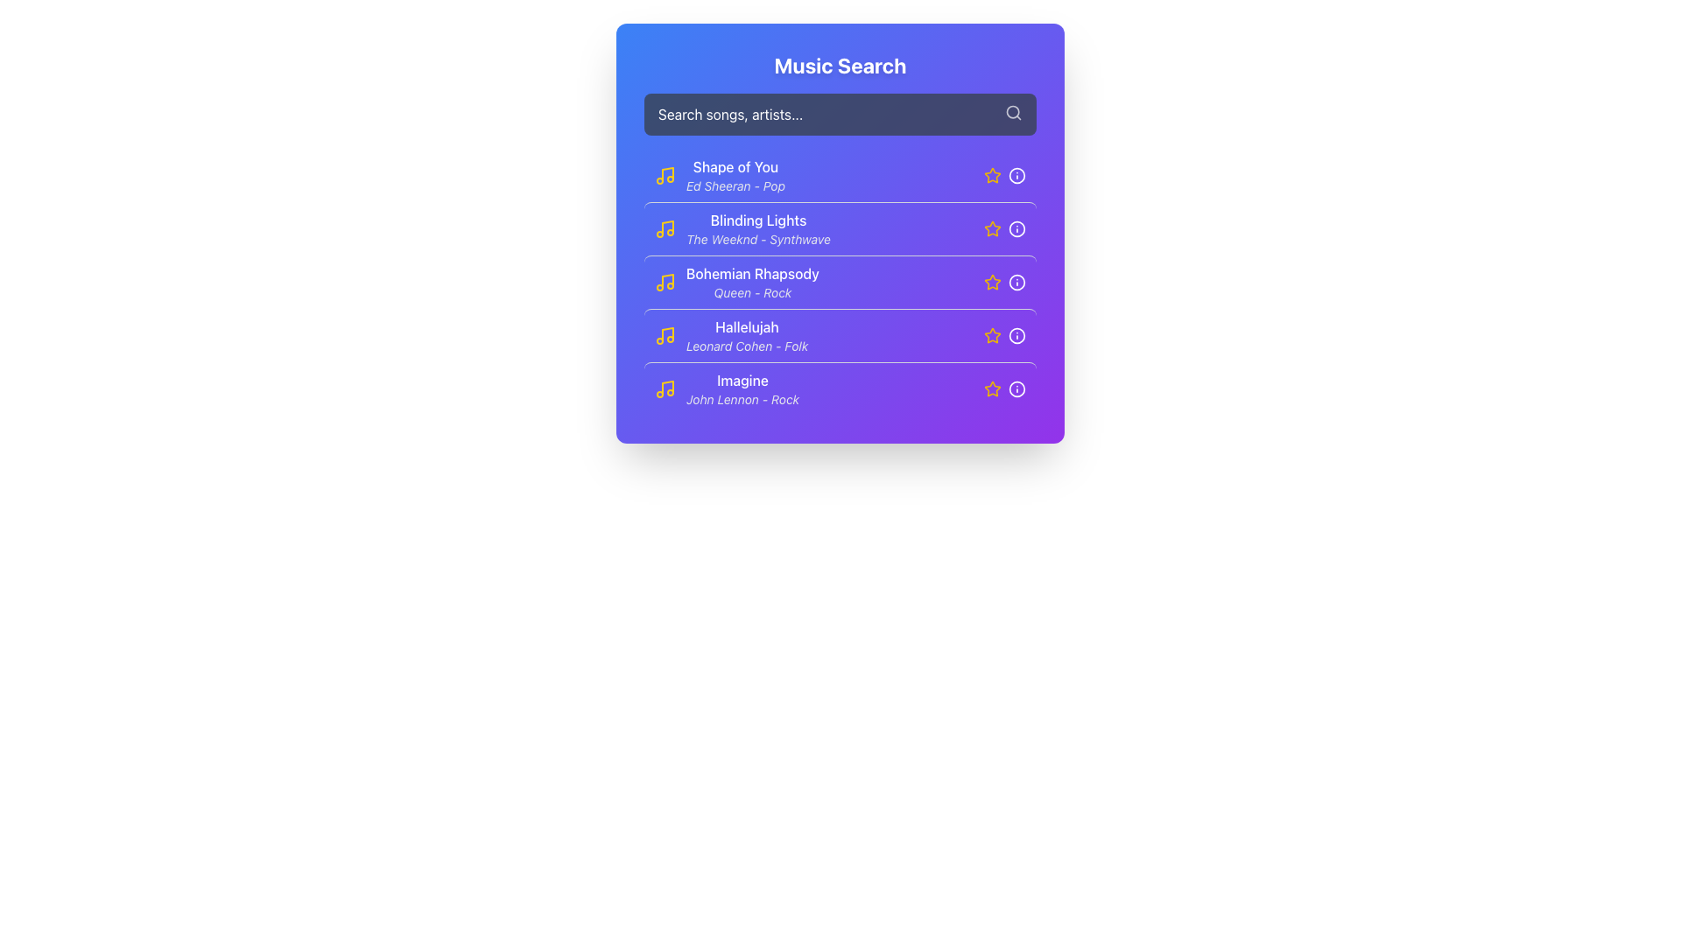  What do you see at coordinates (758, 228) in the screenshot?
I see `the list item displaying the song title 'Blinding Lights' by 'The Weeknd - Synthwave'` at bounding box center [758, 228].